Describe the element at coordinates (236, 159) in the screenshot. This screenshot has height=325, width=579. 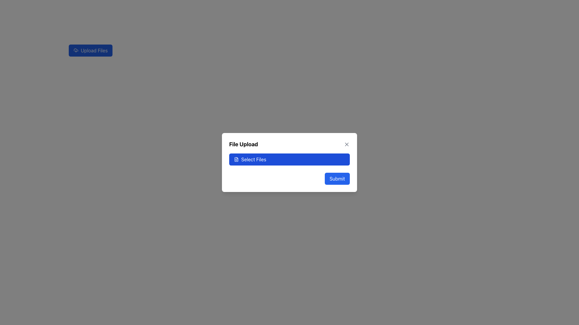
I see `the document icon located within the 'File Upload' modal, positioned to the left of the 'Select Files' button` at that location.